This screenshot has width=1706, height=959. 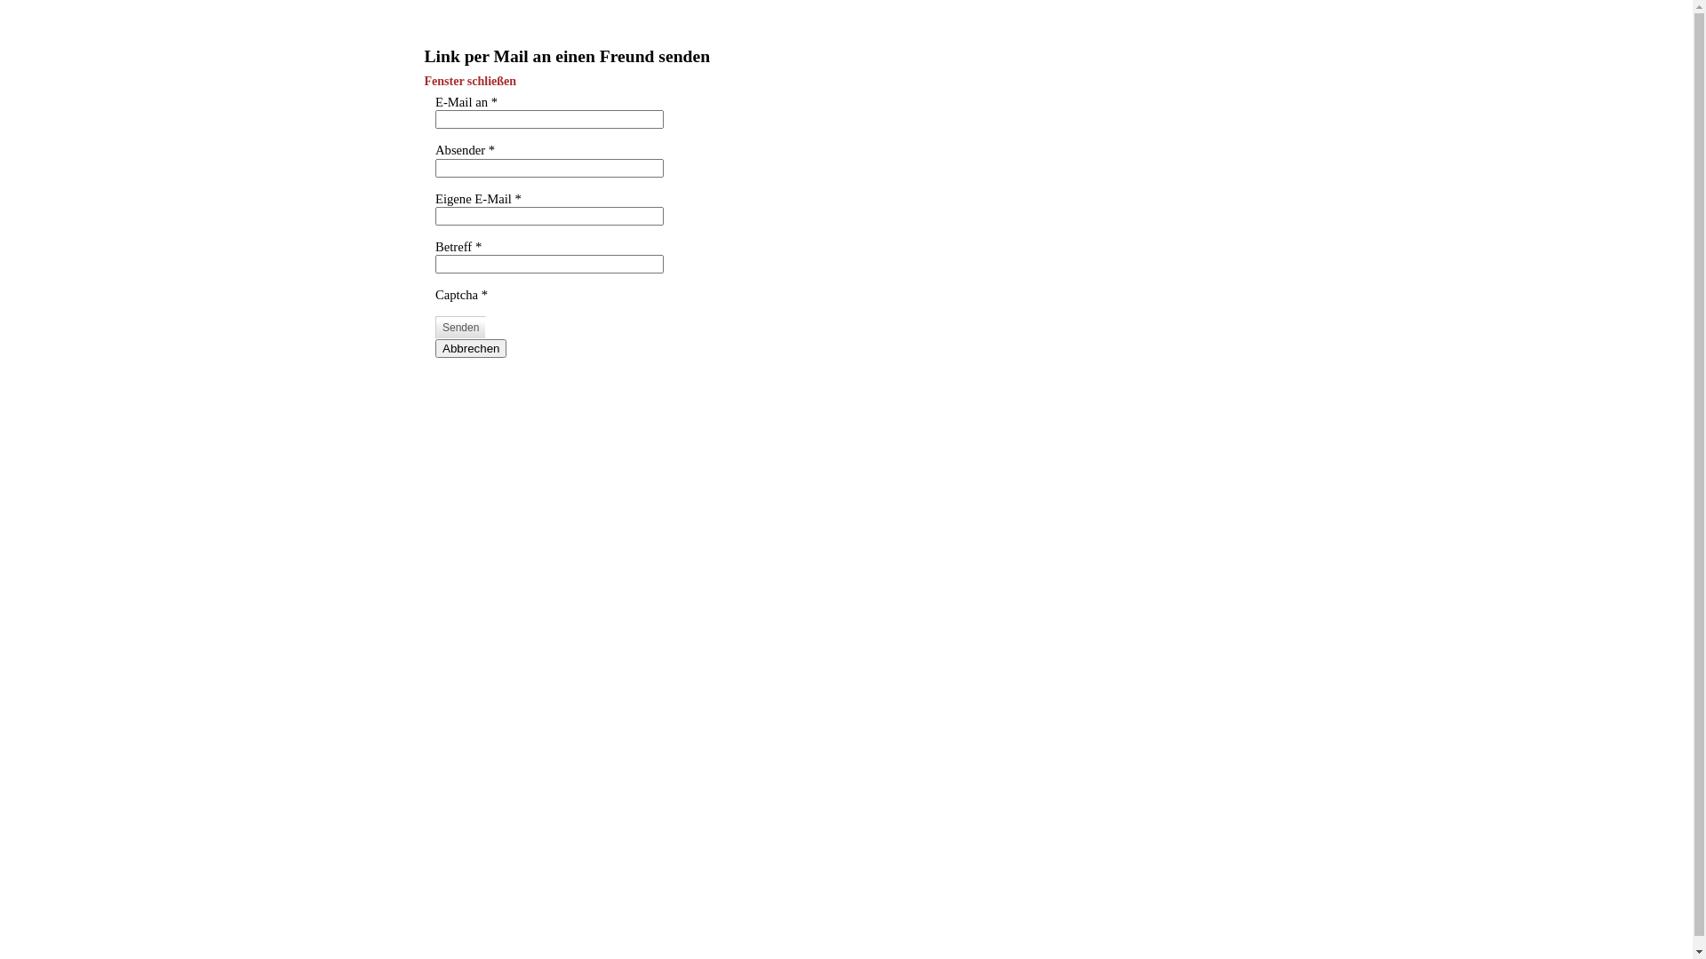 I want to click on 'Abbrechen', so click(x=470, y=348).